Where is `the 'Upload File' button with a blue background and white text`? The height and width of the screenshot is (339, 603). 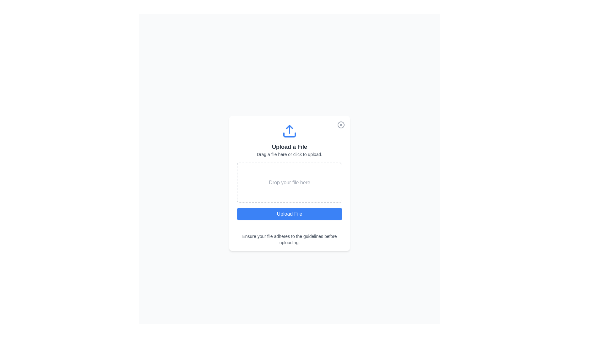
the 'Upload File' button with a blue background and white text is located at coordinates (289, 213).